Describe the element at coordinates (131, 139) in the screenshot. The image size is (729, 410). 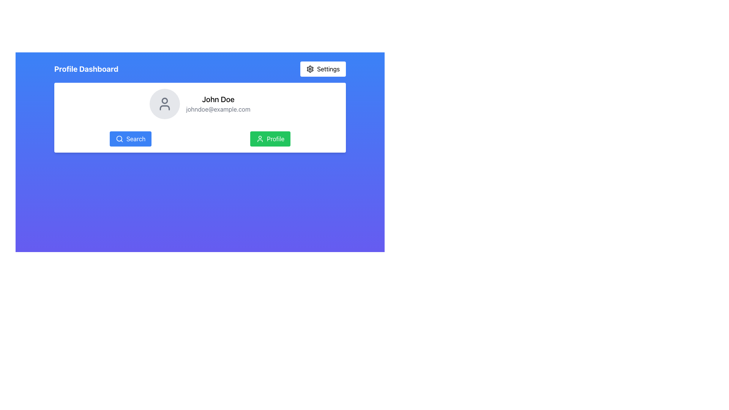
I see `the 'Search' button with a rounded blue background and white text` at that location.